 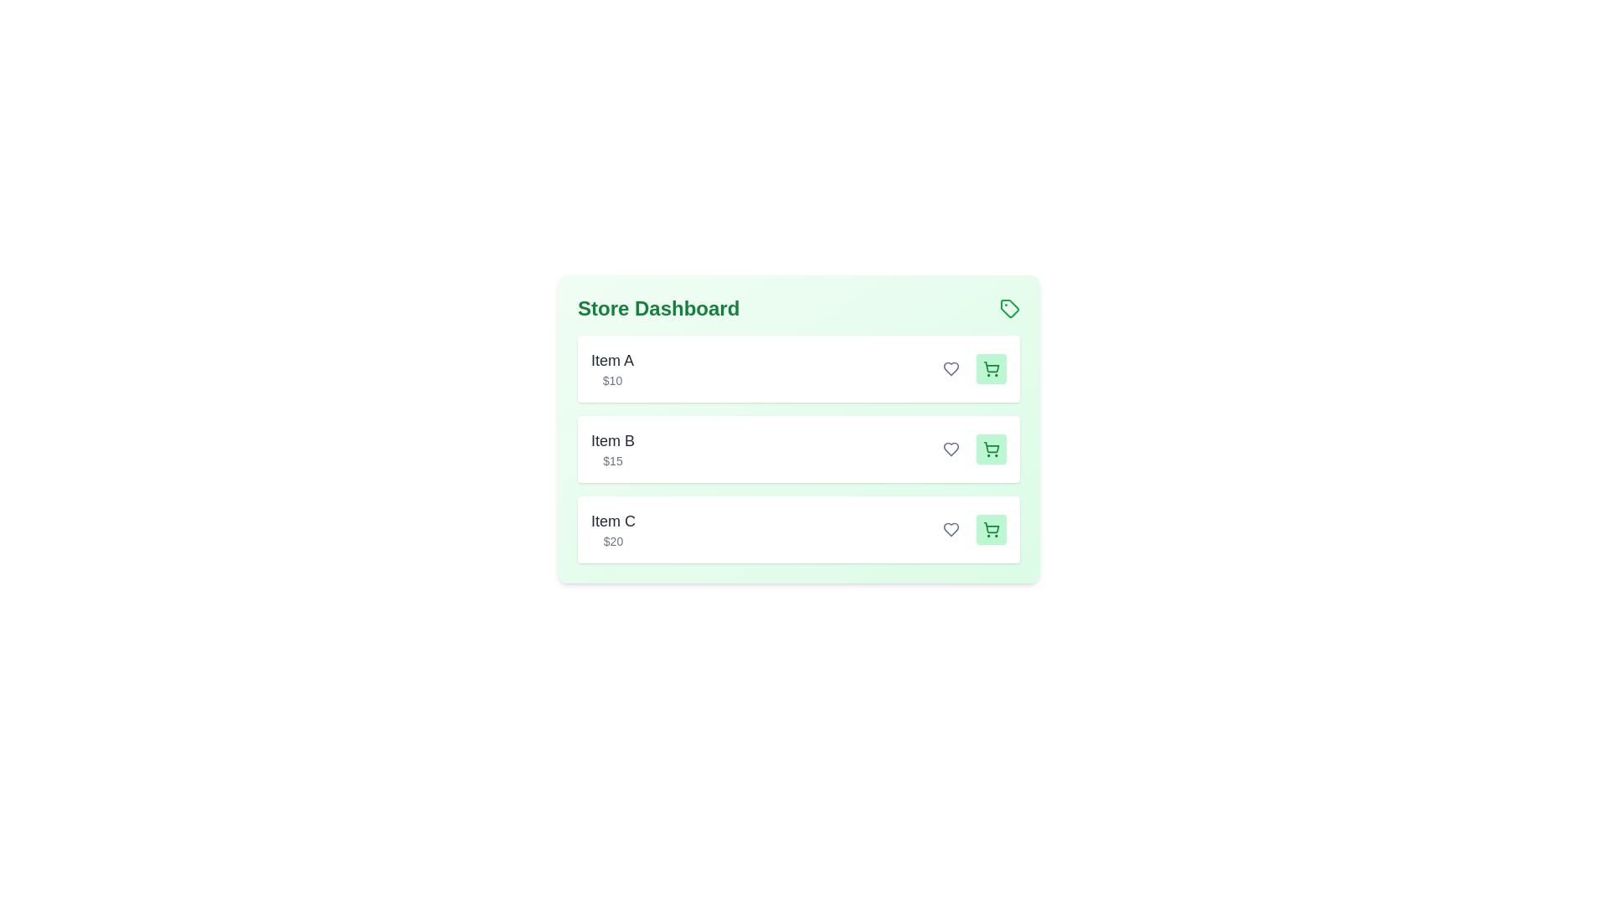 I want to click on the heart-shaped icon button outlined in gray, so click(x=951, y=367).